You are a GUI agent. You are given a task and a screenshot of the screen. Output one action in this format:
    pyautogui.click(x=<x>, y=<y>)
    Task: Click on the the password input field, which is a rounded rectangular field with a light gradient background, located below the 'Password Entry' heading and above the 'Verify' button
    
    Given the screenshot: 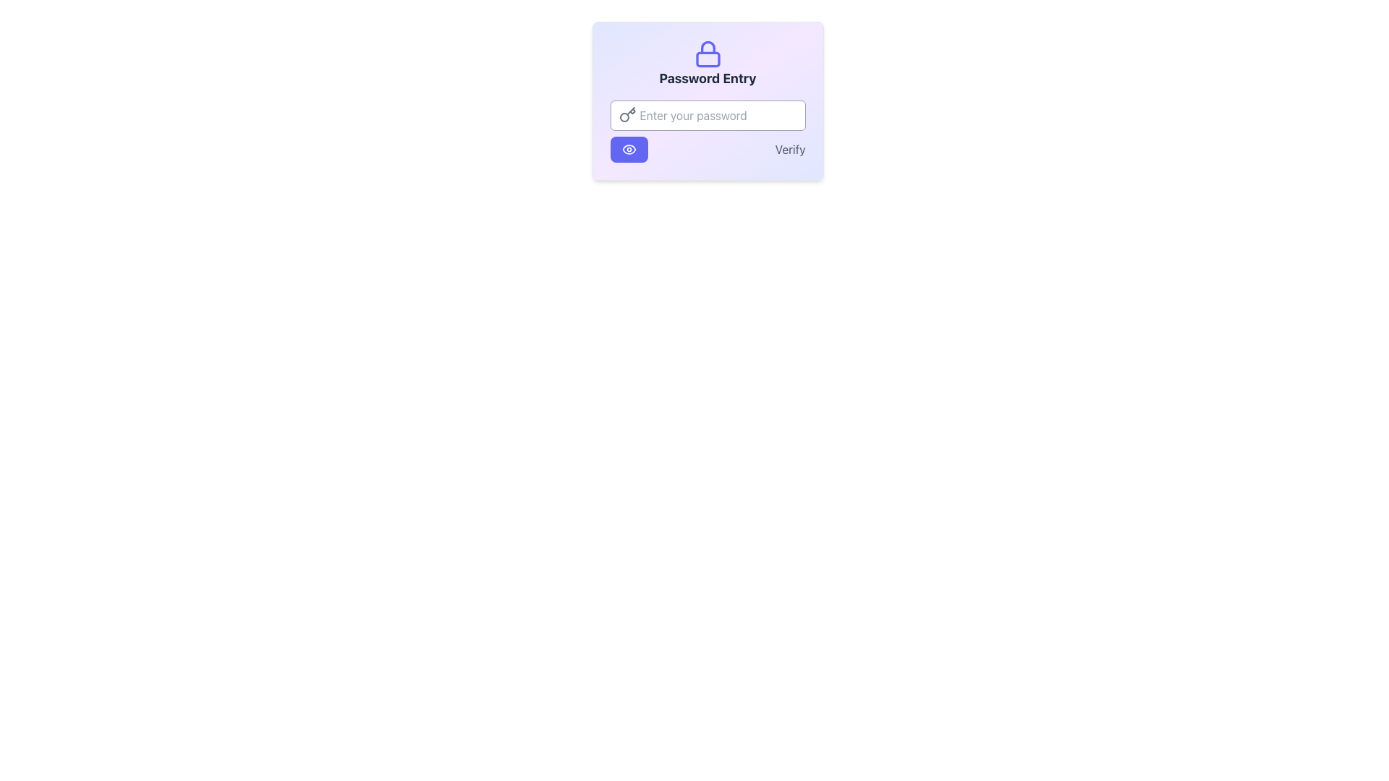 What is the action you would take?
    pyautogui.click(x=708, y=100)
    